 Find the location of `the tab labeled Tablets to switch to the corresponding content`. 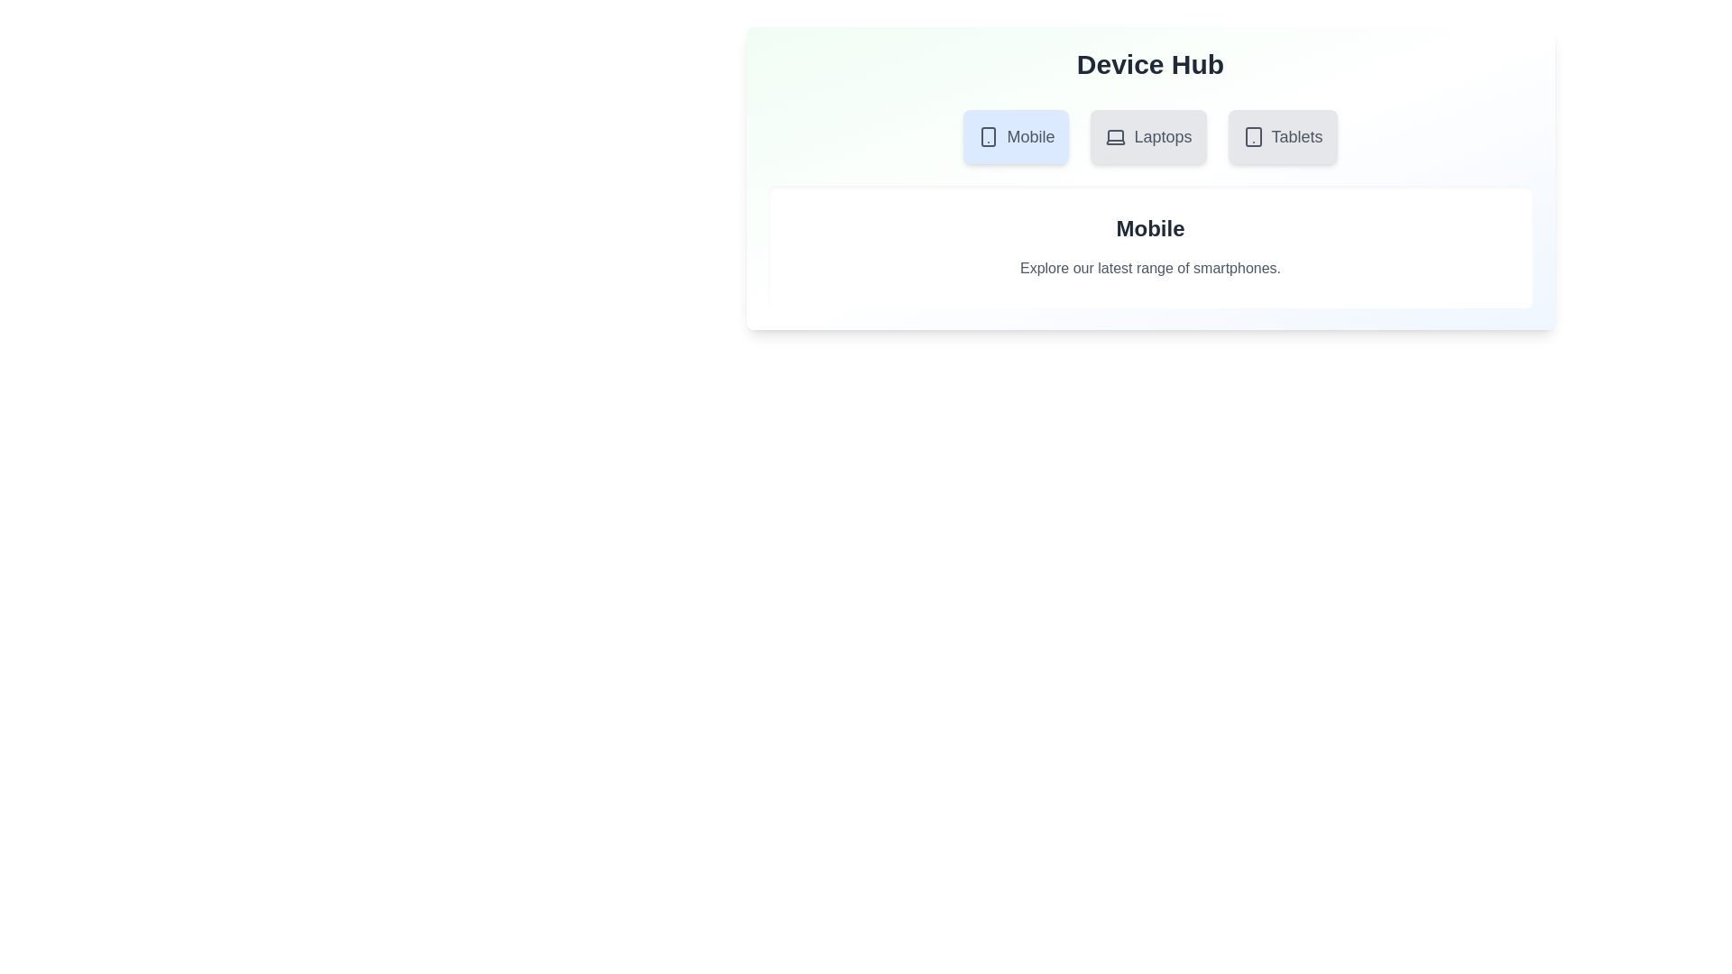

the tab labeled Tablets to switch to the corresponding content is located at coordinates (1281, 135).